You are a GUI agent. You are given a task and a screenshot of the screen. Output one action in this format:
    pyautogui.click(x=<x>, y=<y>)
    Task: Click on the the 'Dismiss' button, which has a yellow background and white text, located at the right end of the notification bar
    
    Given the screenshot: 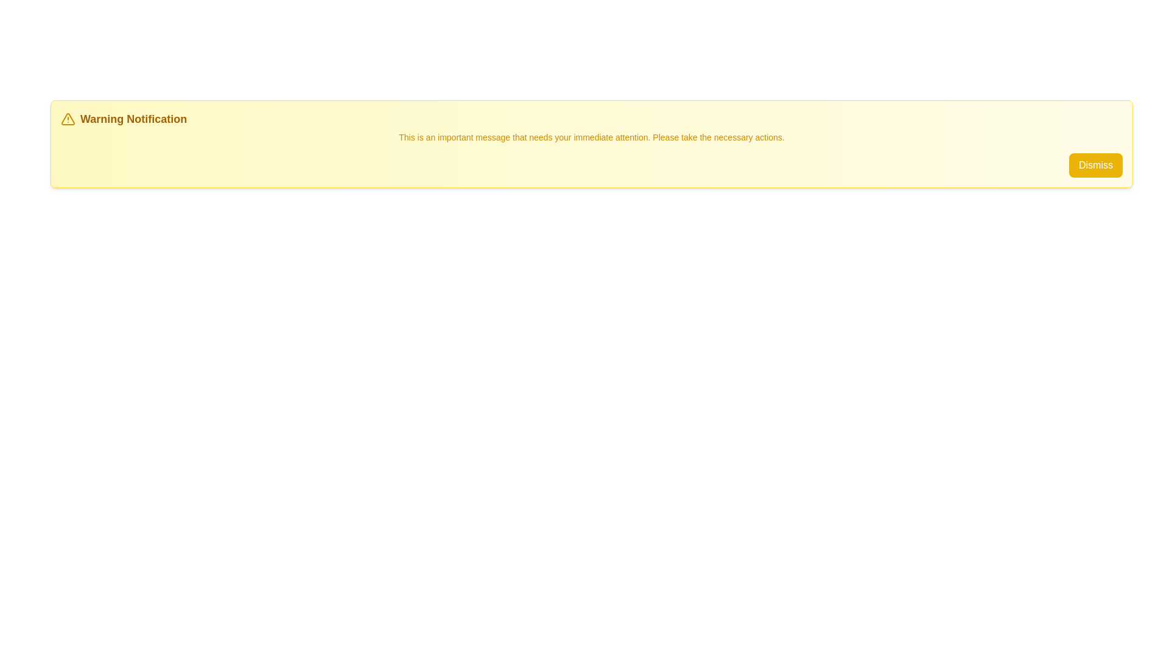 What is the action you would take?
    pyautogui.click(x=1096, y=164)
    